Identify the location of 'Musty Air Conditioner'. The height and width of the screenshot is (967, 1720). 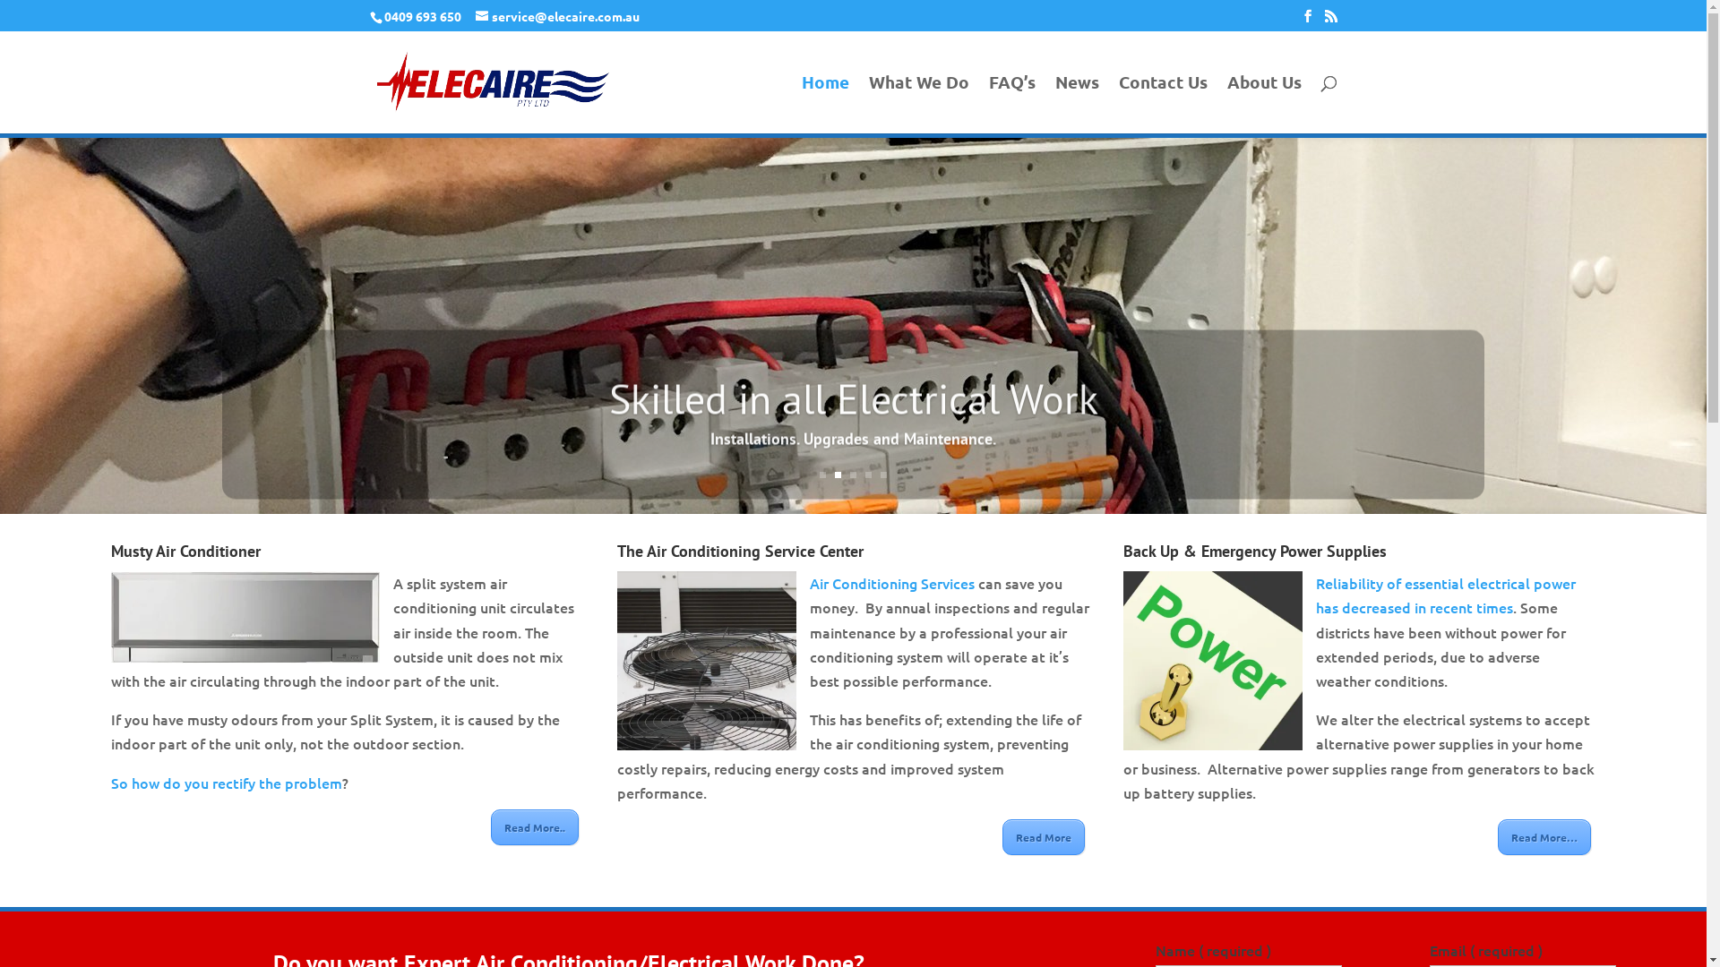
(110, 550).